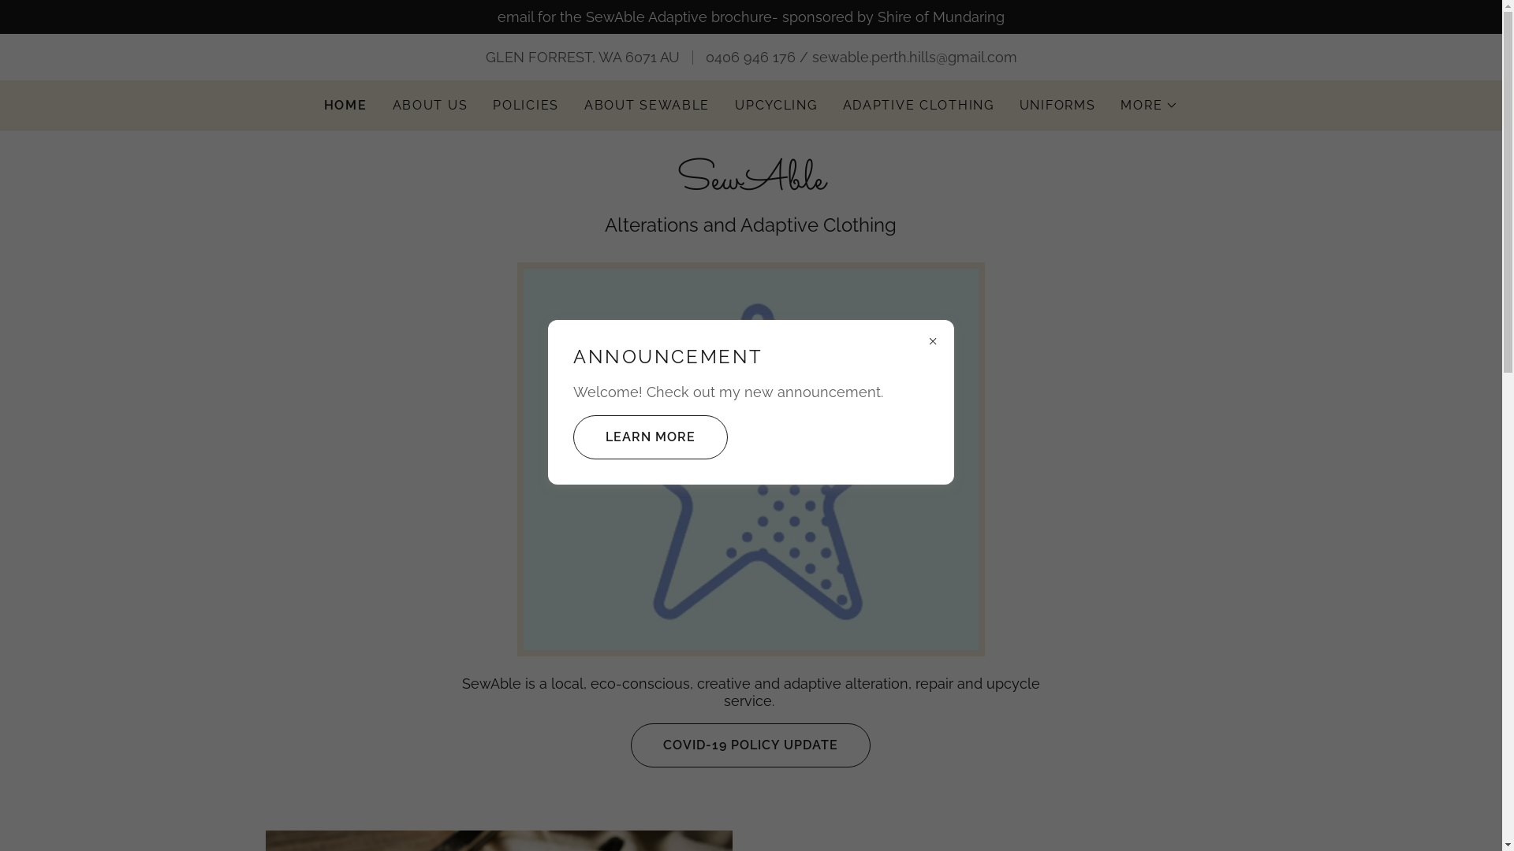  Describe the element at coordinates (775, 106) in the screenshot. I see `'UPCYCLING'` at that location.